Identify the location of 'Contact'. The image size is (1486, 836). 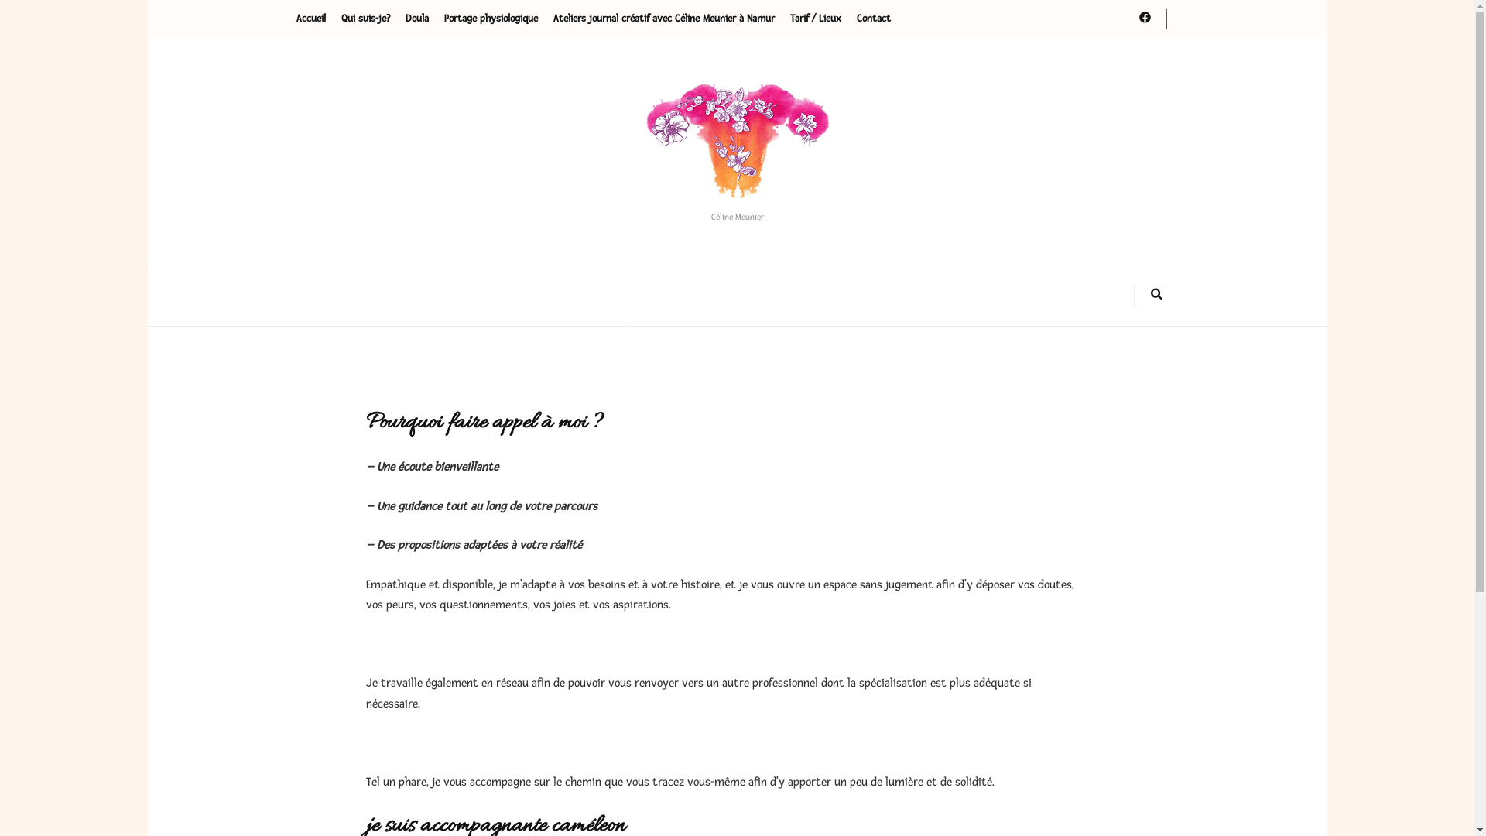
(873, 19).